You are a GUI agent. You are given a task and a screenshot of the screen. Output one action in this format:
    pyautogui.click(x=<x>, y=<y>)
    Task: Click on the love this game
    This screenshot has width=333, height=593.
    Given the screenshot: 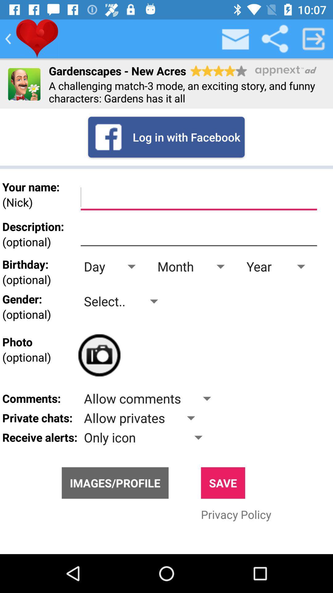 What is the action you would take?
    pyautogui.click(x=37, y=38)
    